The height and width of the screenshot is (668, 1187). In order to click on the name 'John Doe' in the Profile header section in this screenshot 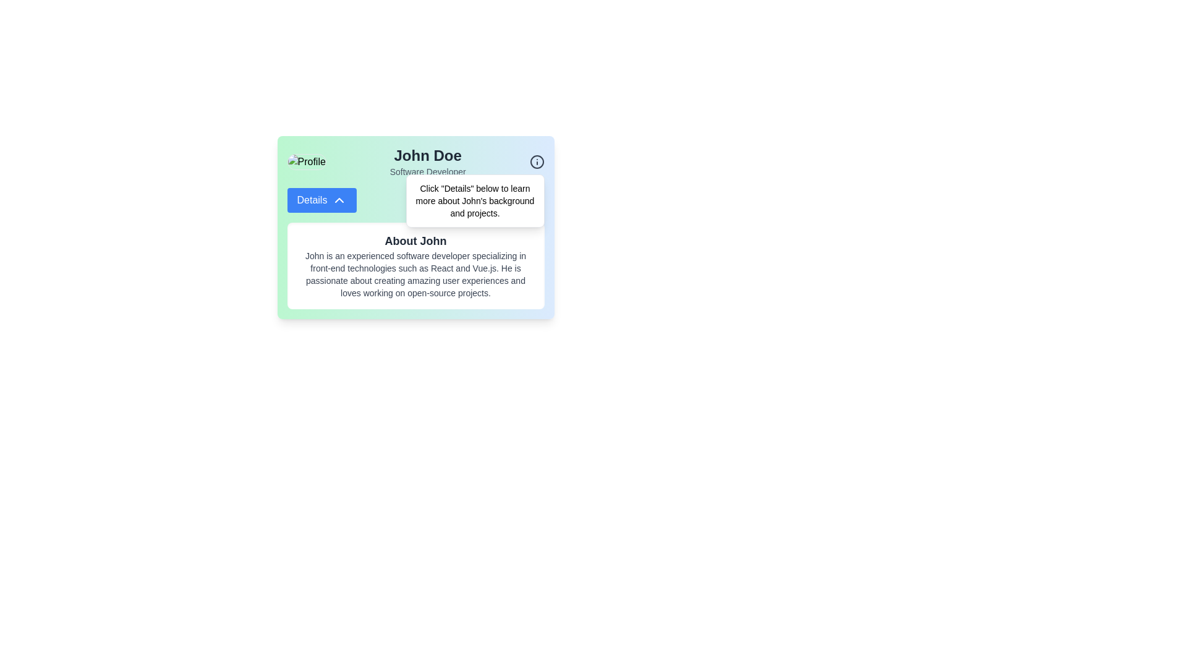, I will do `click(415, 161)`.